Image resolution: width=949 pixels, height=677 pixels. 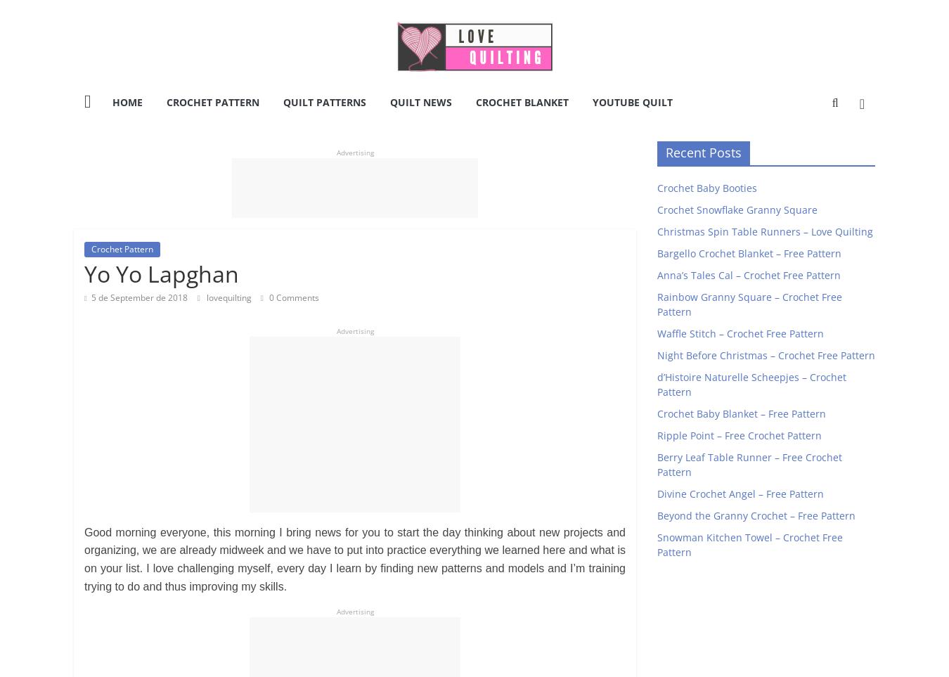 What do you see at coordinates (740, 332) in the screenshot?
I see `'Waffle Stitch – Crochet Free Pattern'` at bounding box center [740, 332].